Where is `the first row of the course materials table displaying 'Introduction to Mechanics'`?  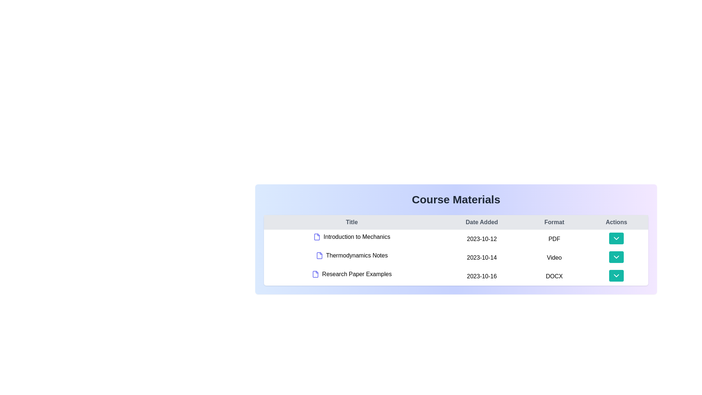 the first row of the course materials table displaying 'Introduction to Mechanics' is located at coordinates (456, 239).